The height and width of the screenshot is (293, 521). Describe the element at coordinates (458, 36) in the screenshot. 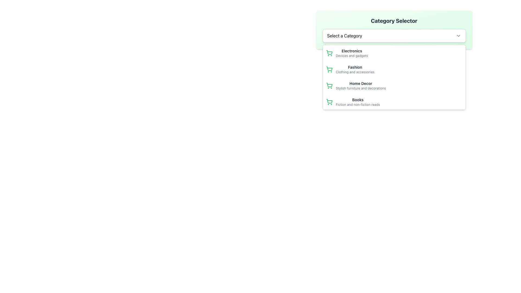

I see `the downwards-pointing chevron icon located inside the dropdown button of the category selector field, immediately to the right of the label 'Select a Category'` at that location.